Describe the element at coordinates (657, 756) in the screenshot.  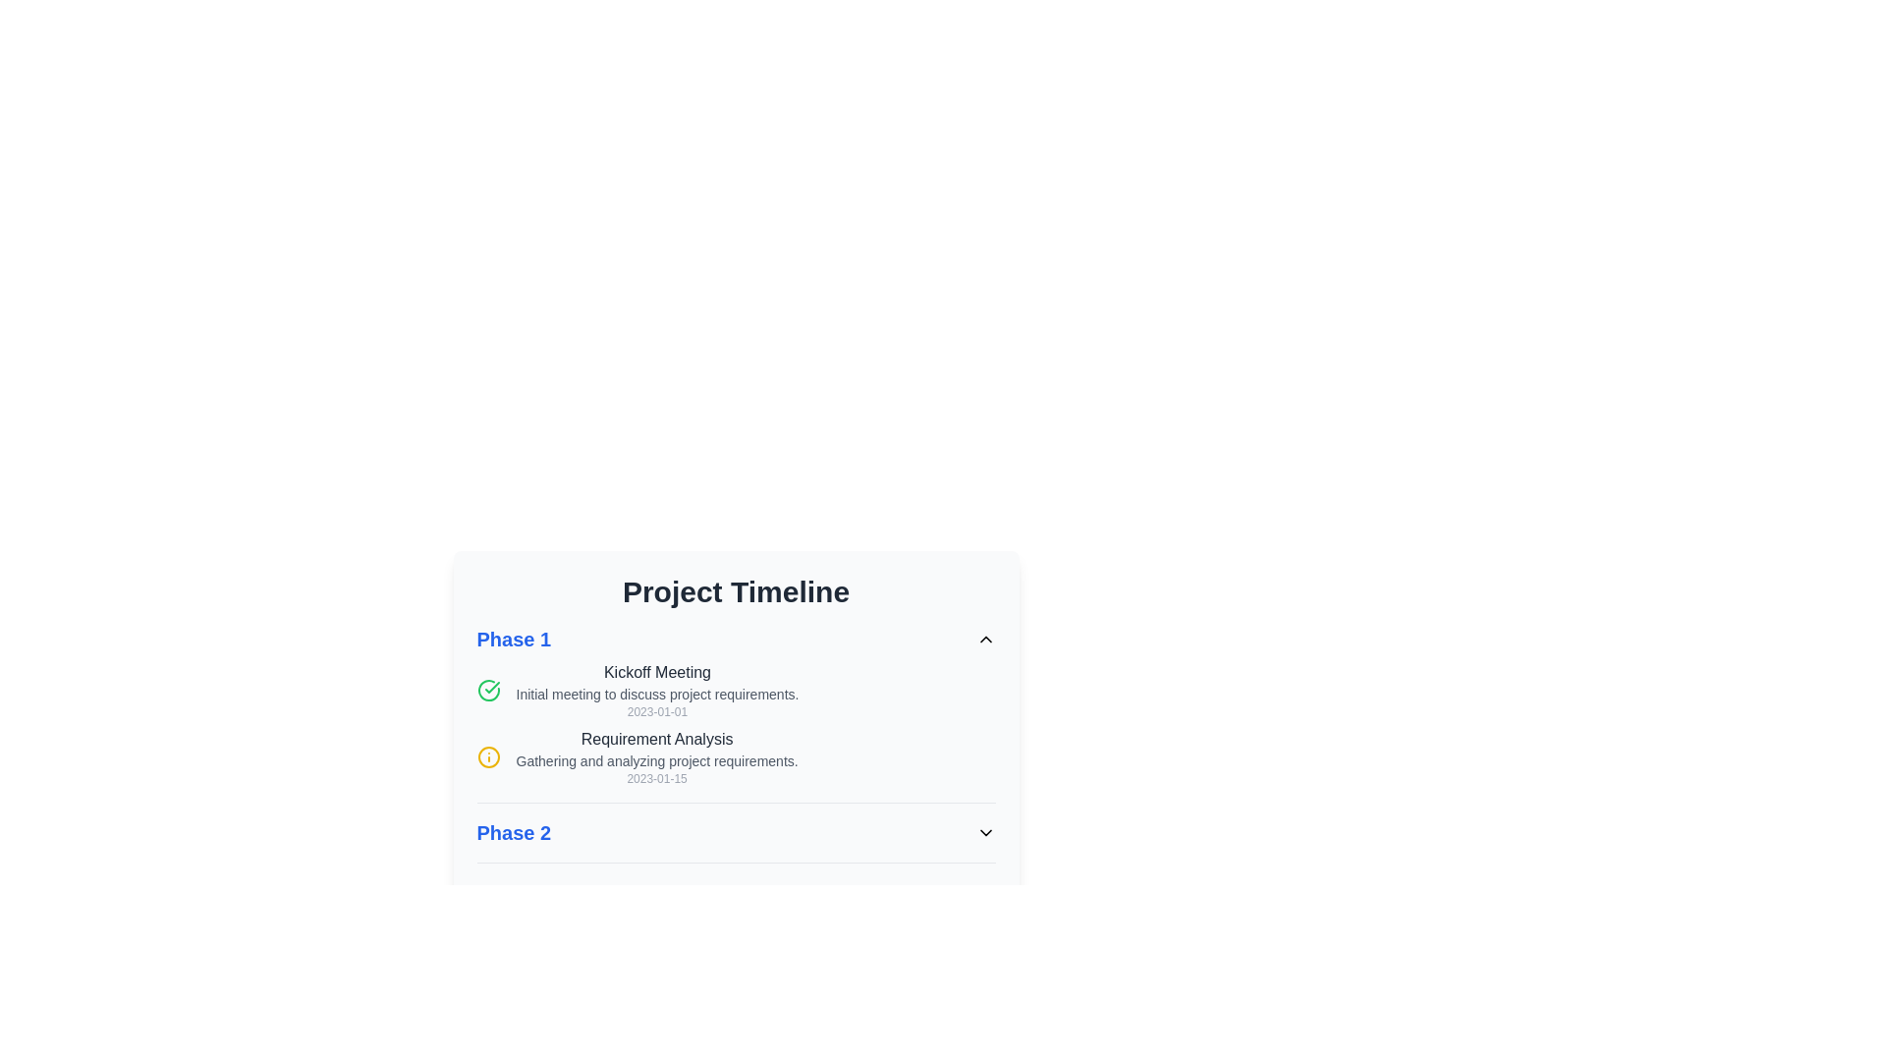
I see `text block containing the title 'Requirement Analysis', subtitle 'Gathering and analyzing project requirements.', and date '2023-01-15', which is positioned below 'Phase 1' and 'Kickoff Meeting'` at that location.